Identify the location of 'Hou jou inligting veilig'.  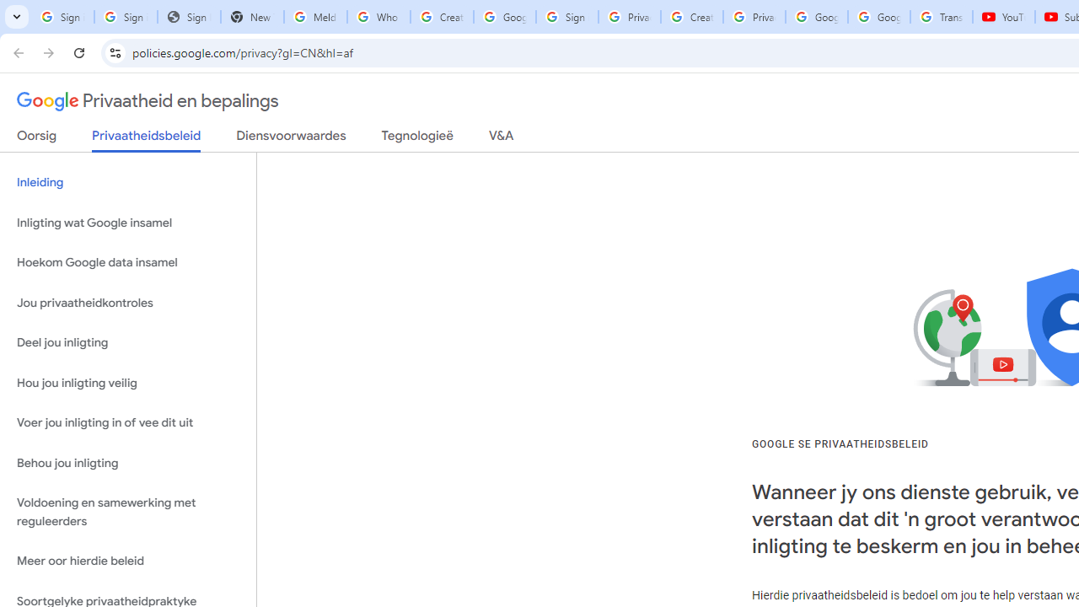
(127, 383).